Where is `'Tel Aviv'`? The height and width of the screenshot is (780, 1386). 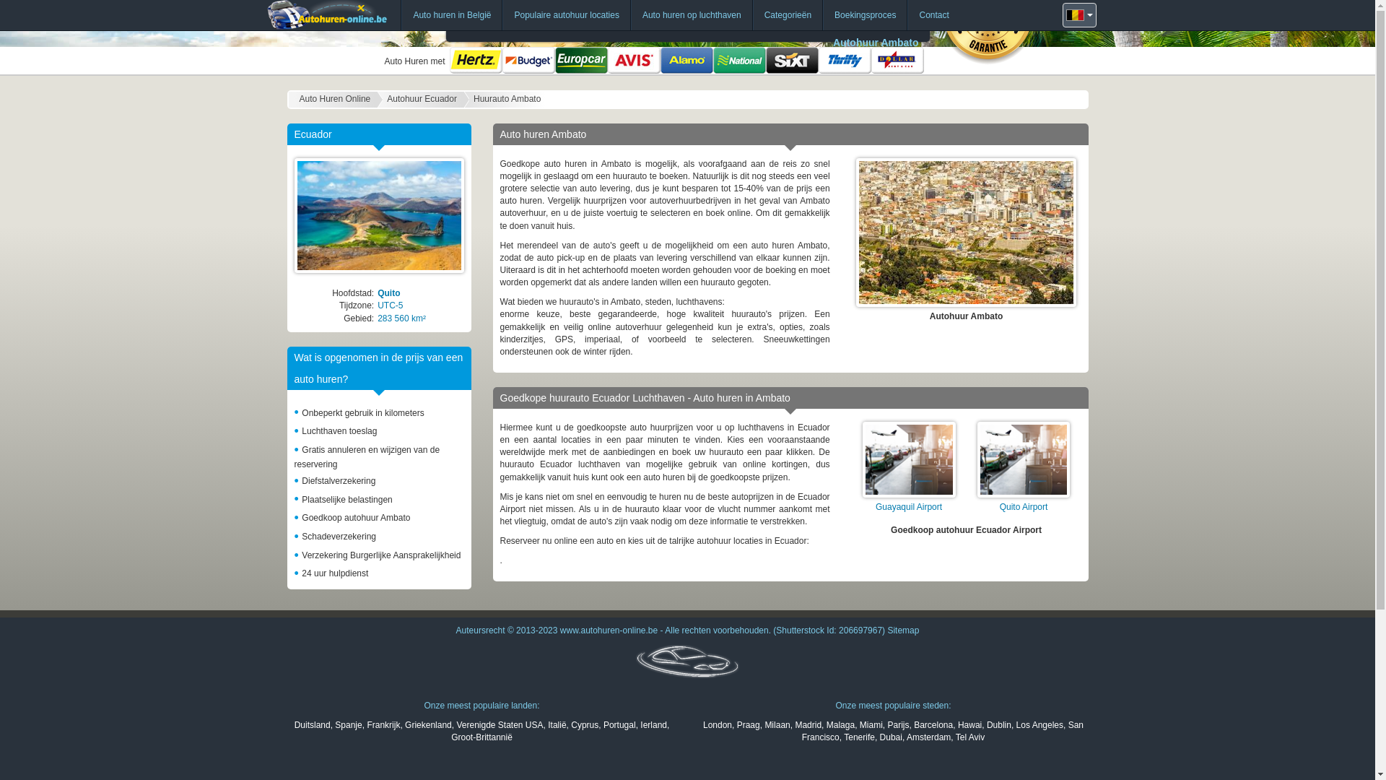
'Tel Aviv' is located at coordinates (970, 737).